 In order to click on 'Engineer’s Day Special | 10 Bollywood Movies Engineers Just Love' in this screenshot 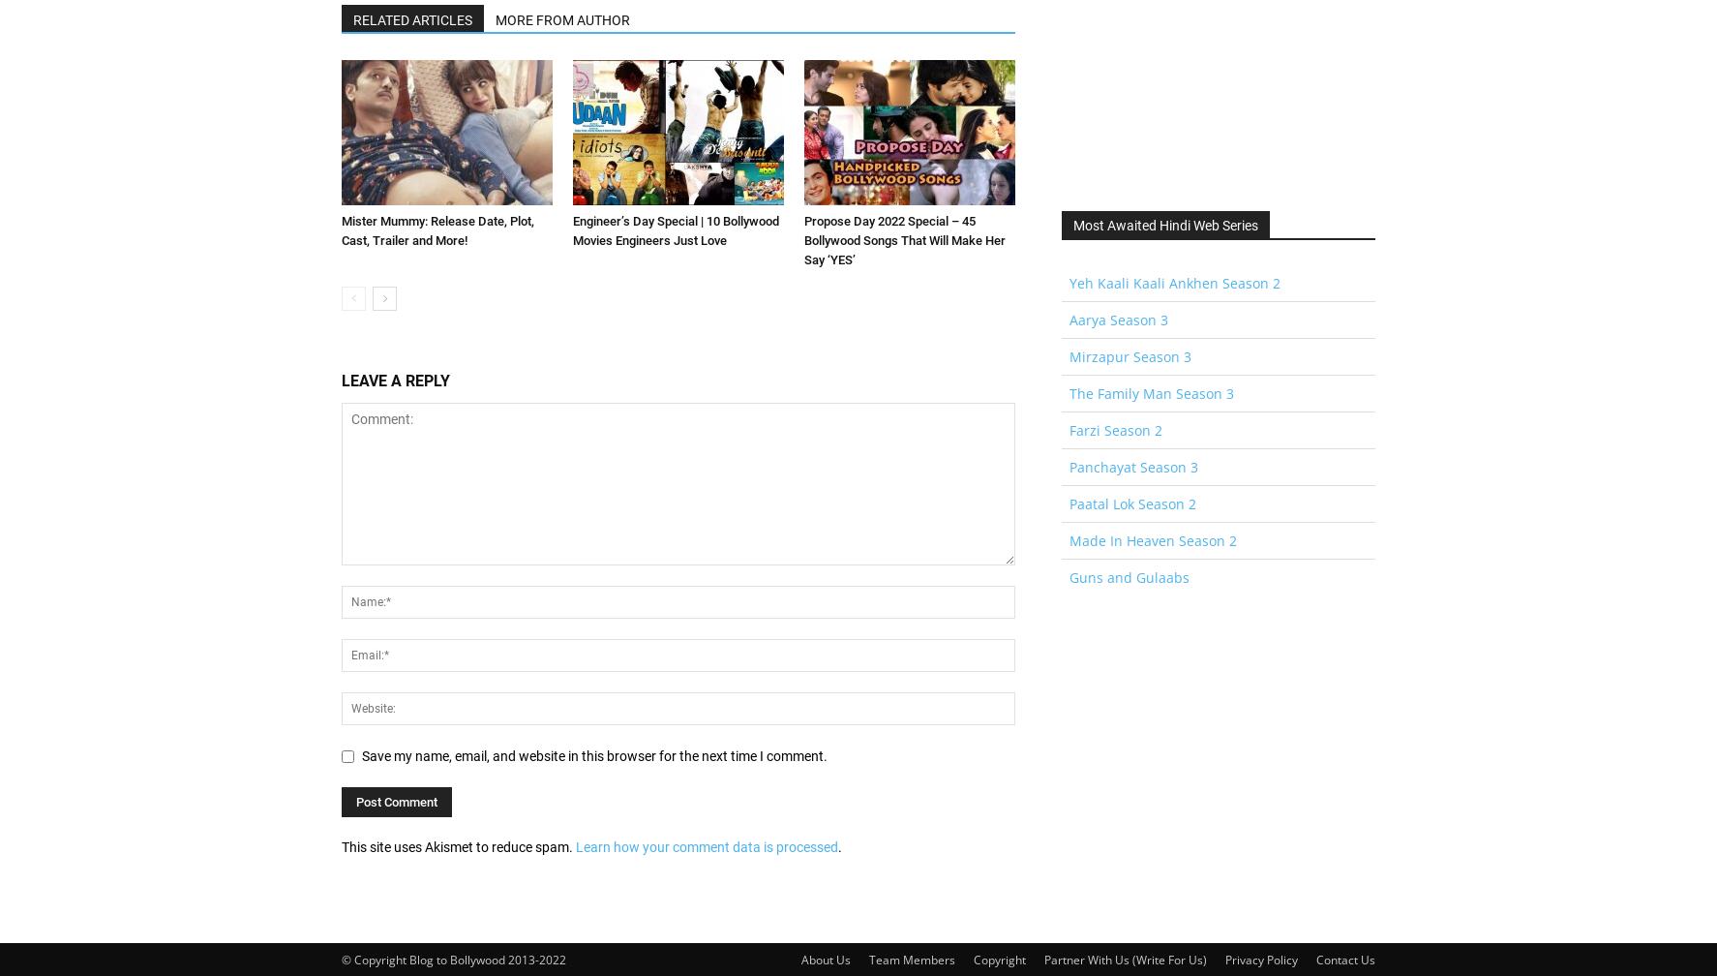, I will do `click(676, 229)`.